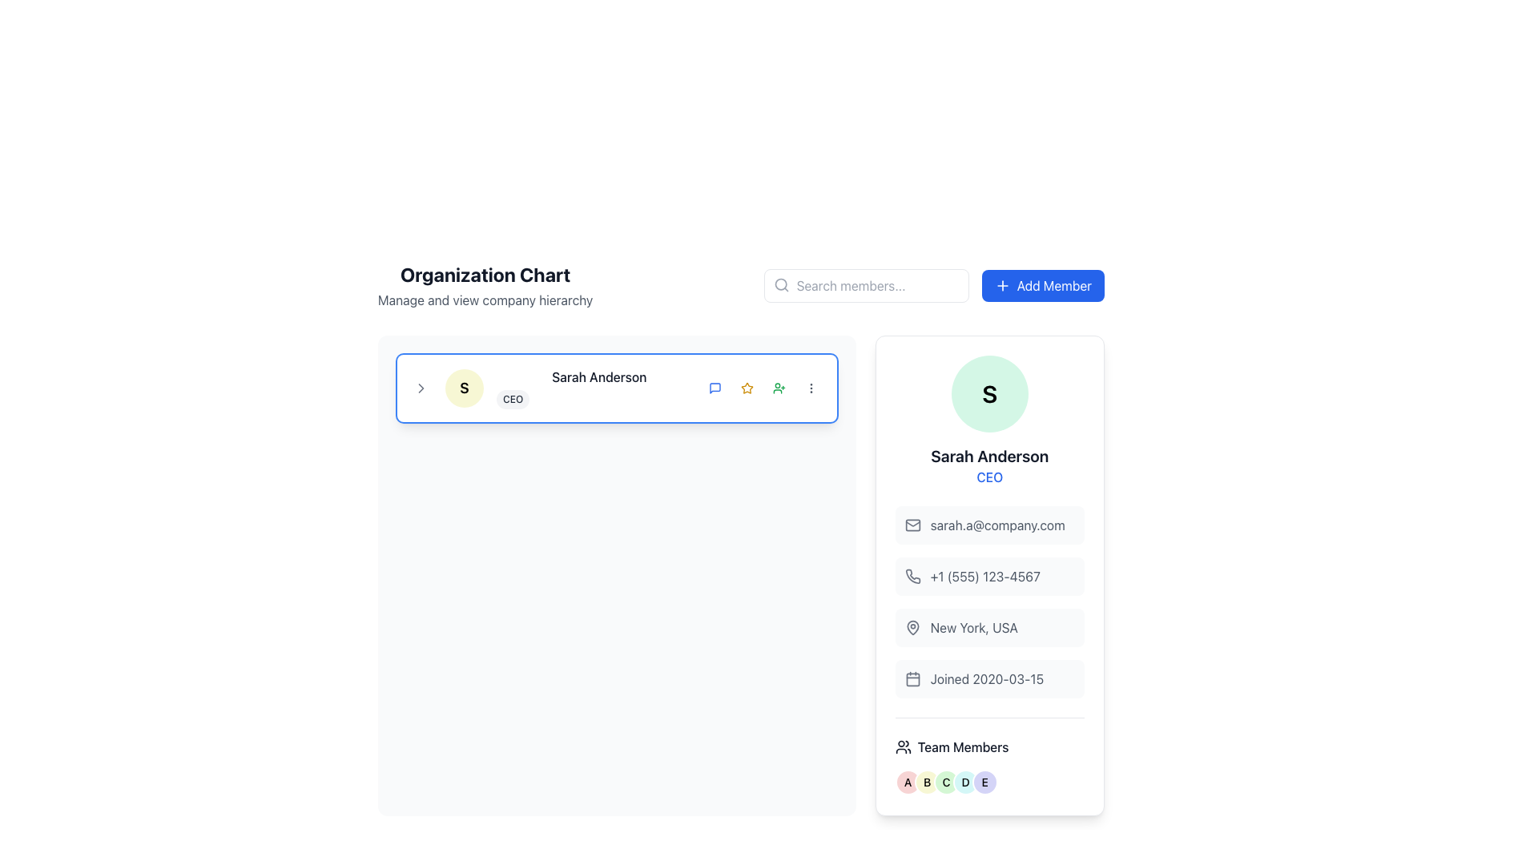 This screenshot has width=1538, height=865. What do you see at coordinates (781, 284) in the screenshot?
I see `the search icon located at the leftmost side of the search input field, which indicates the search functionality among members` at bounding box center [781, 284].